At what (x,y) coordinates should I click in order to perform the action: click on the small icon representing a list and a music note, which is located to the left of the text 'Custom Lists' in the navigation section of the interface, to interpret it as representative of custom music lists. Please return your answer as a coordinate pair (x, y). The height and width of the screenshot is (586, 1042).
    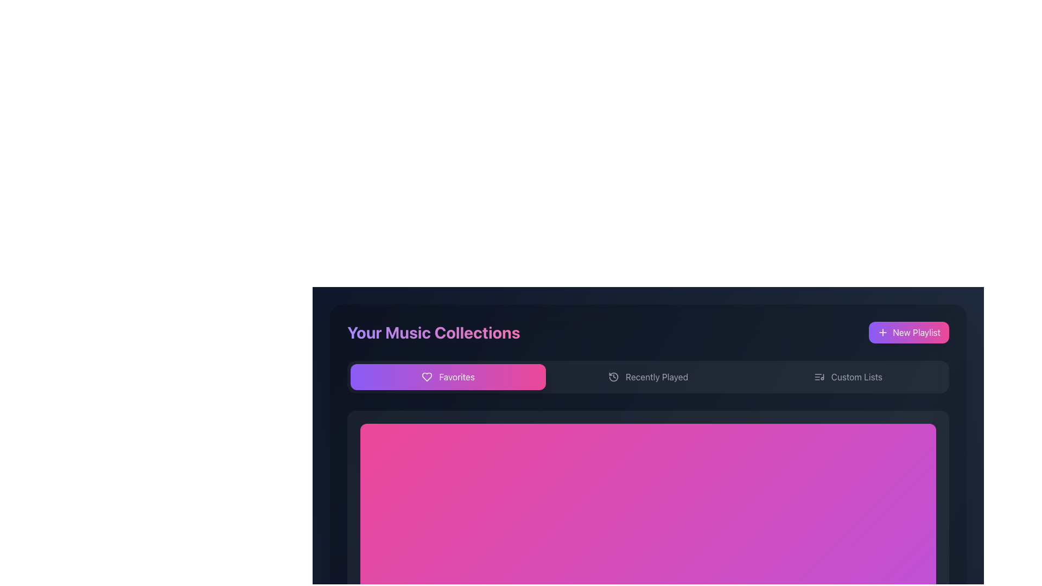
    Looking at the image, I should click on (819, 376).